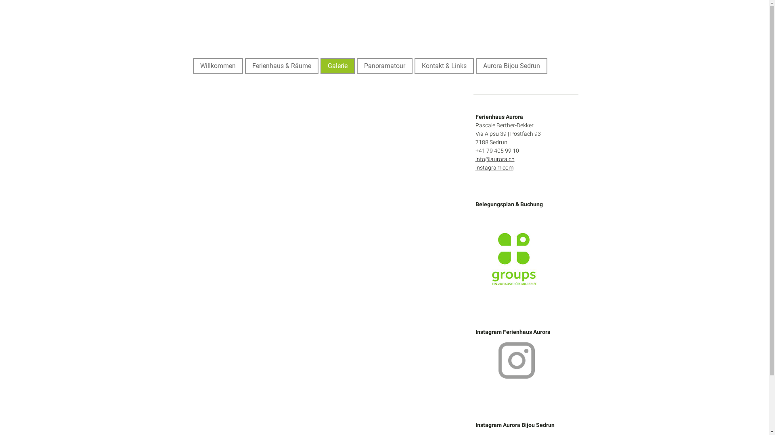  Describe the element at coordinates (475, 159) in the screenshot. I see `'info@aurora.ch'` at that location.